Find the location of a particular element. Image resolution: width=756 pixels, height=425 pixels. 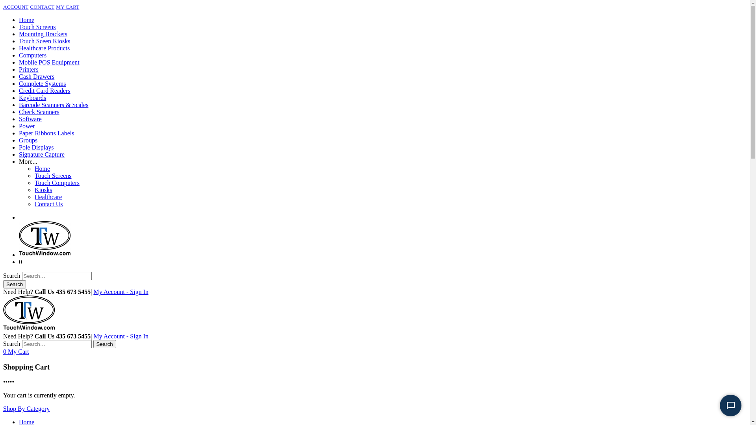

'Printers' is located at coordinates (28, 69).